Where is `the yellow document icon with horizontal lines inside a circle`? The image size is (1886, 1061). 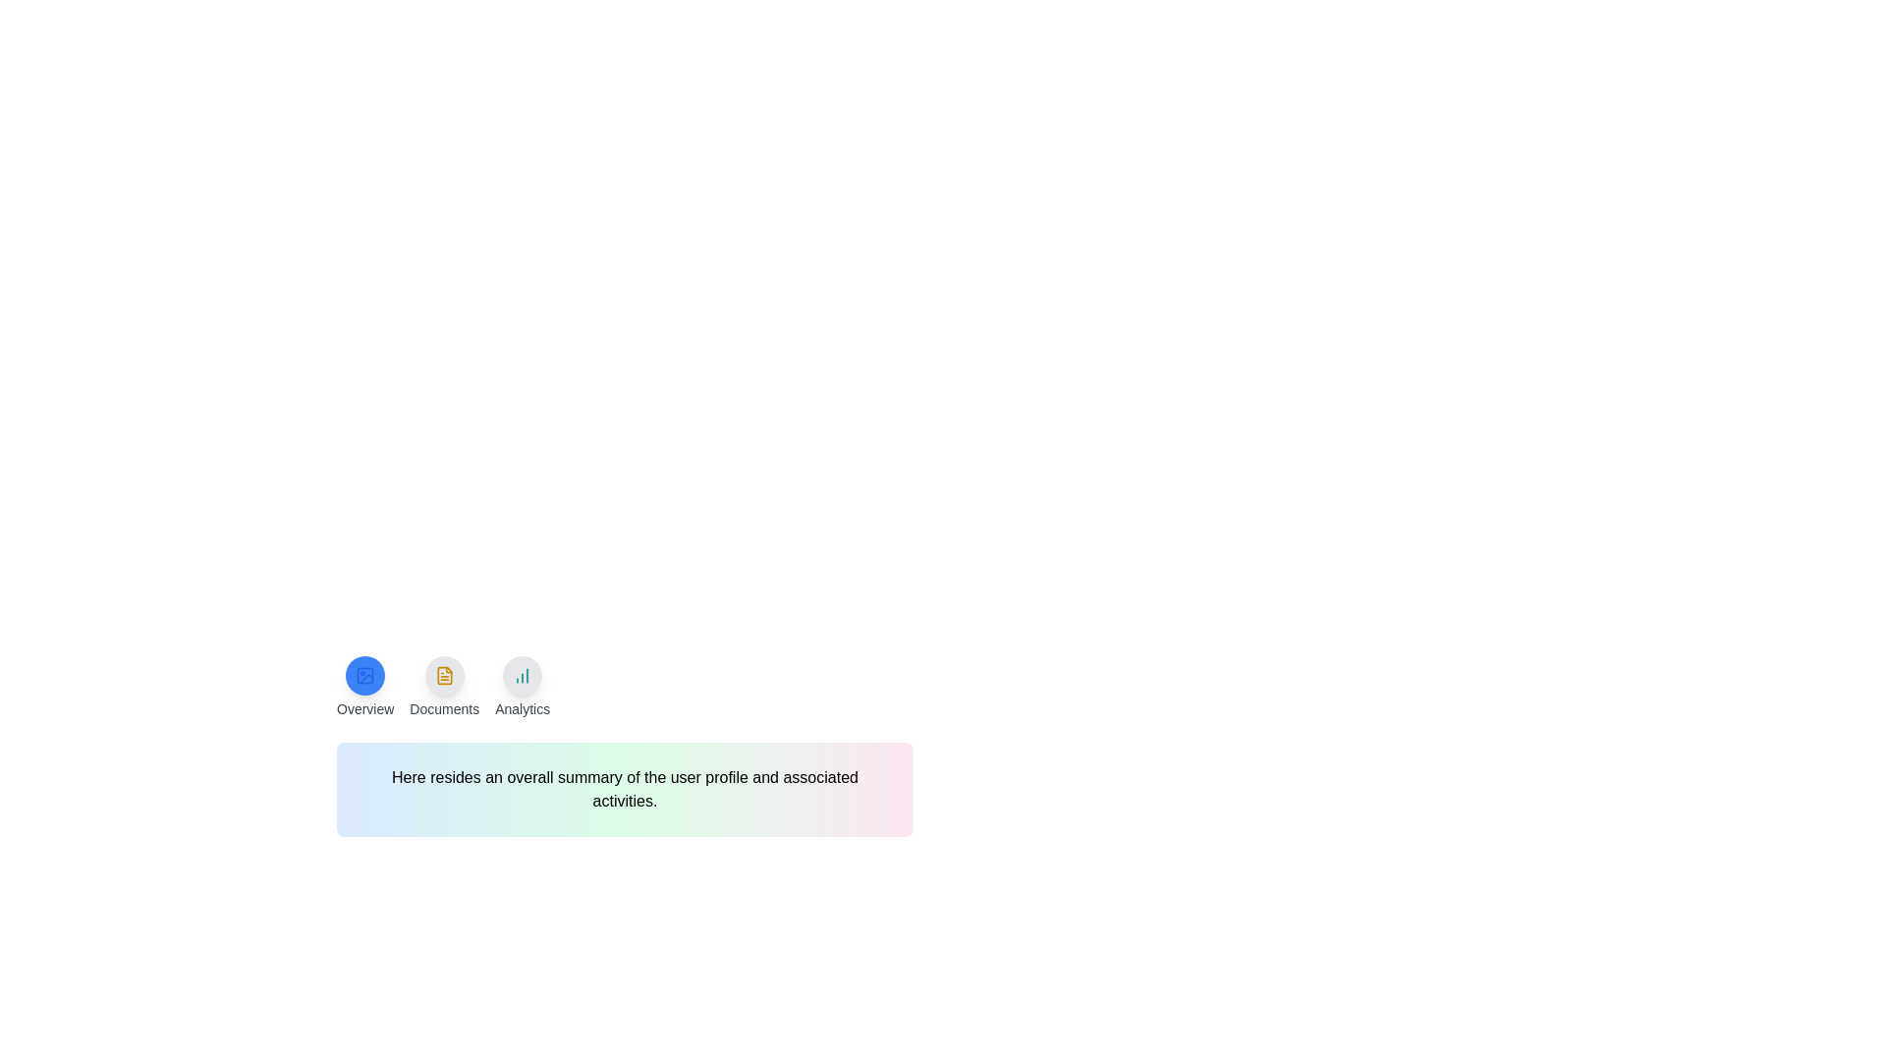
the yellow document icon with horizontal lines inside a circle is located at coordinates (443, 674).